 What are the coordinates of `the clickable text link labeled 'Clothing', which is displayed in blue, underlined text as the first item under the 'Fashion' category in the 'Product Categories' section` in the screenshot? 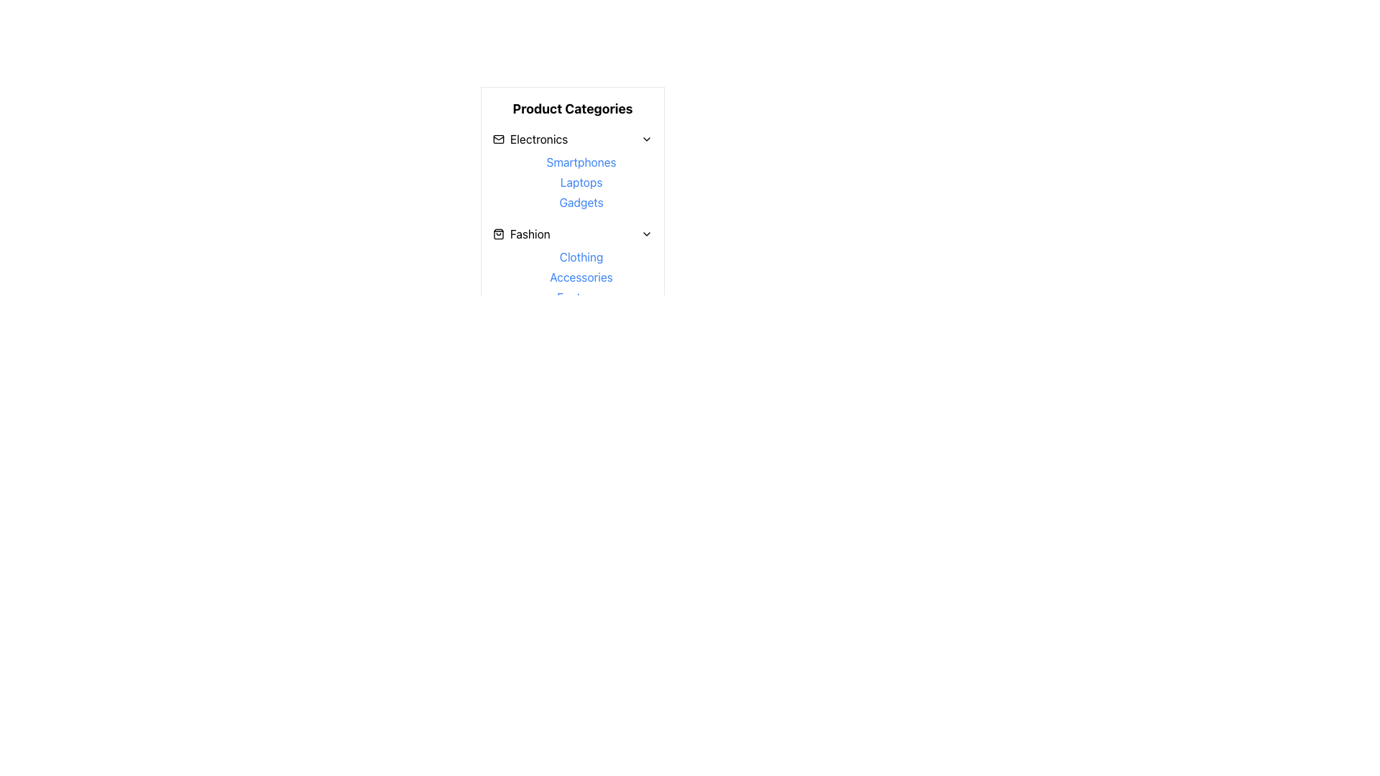 It's located at (581, 257).